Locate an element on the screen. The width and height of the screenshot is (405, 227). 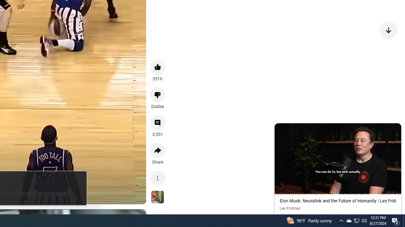
'See more videos using this sound' is located at coordinates (157, 197).